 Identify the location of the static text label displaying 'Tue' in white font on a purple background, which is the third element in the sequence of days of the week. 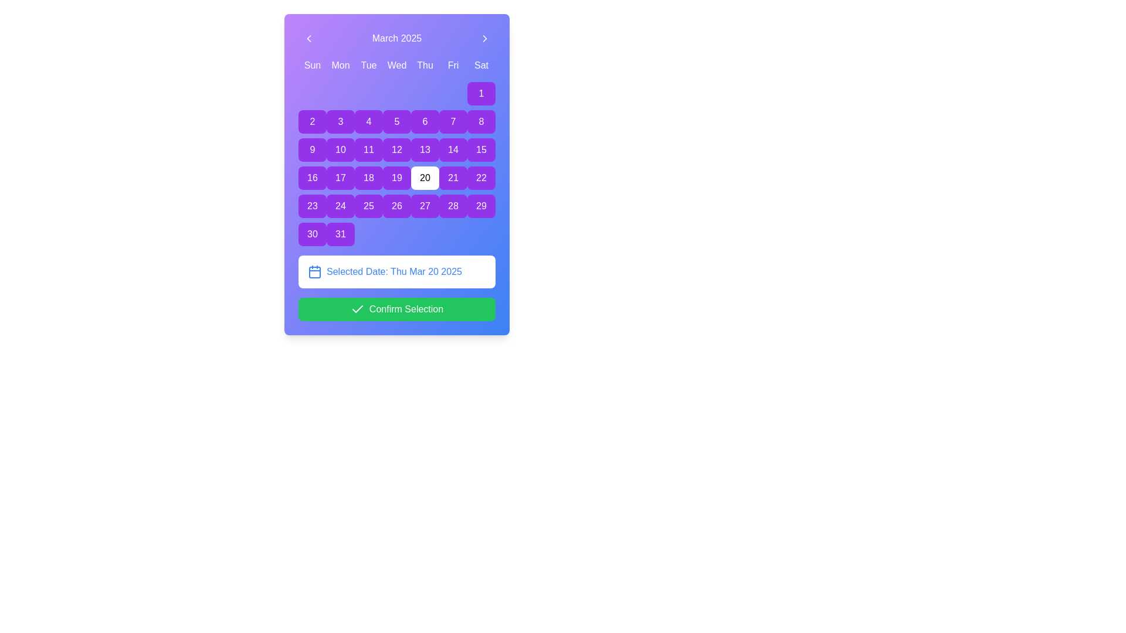
(368, 65).